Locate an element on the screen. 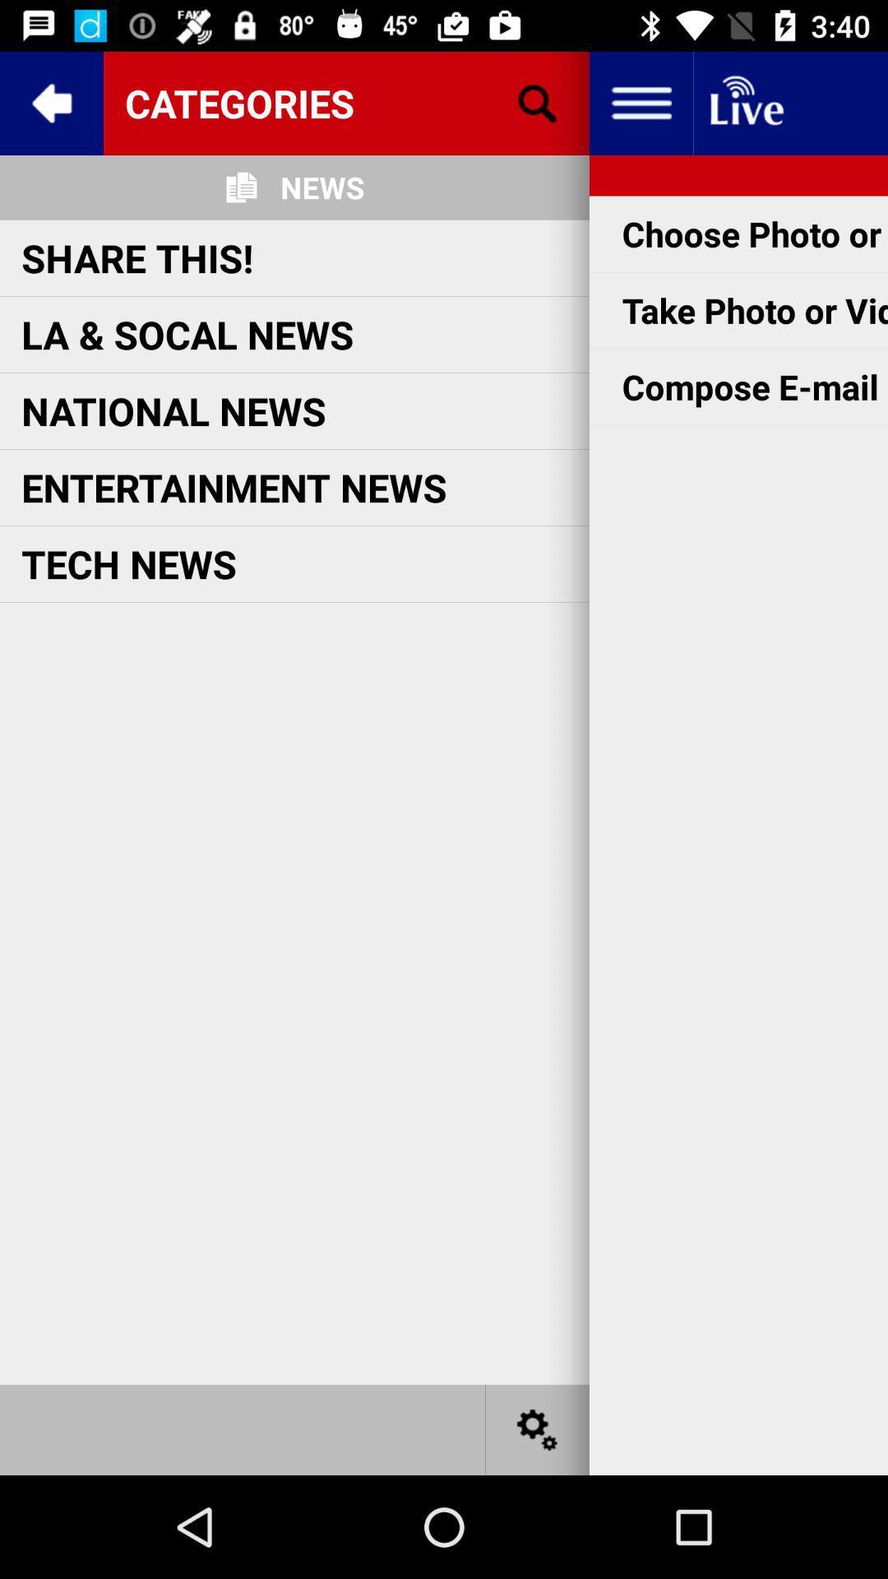 The height and width of the screenshot is (1579, 888). item on the left is located at coordinates (128, 563).